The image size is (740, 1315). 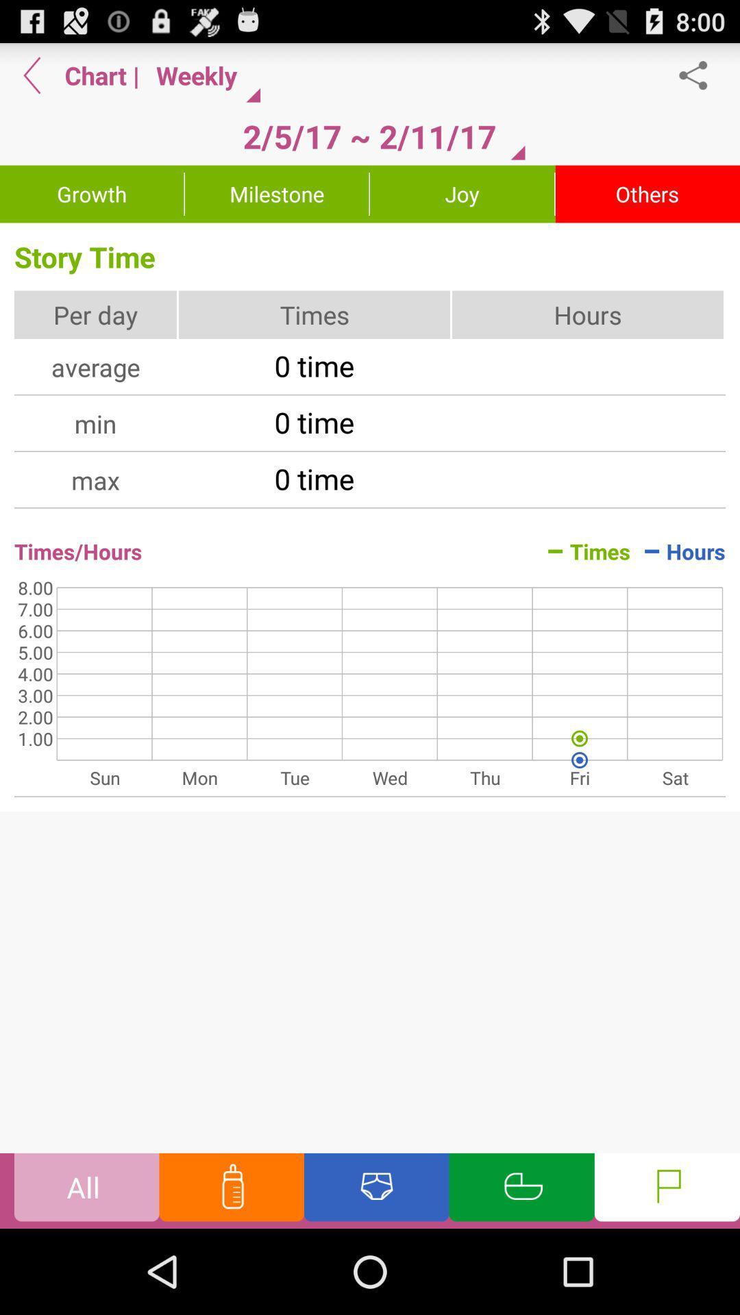 What do you see at coordinates (666, 1190) in the screenshot?
I see `flag info` at bounding box center [666, 1190].